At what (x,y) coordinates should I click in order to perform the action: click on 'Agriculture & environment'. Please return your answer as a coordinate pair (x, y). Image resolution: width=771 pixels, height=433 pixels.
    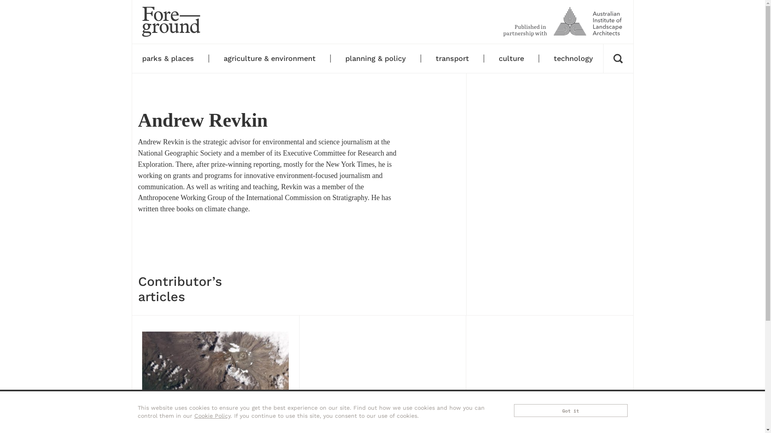
    Looking at the image, I should click on (194, 426).